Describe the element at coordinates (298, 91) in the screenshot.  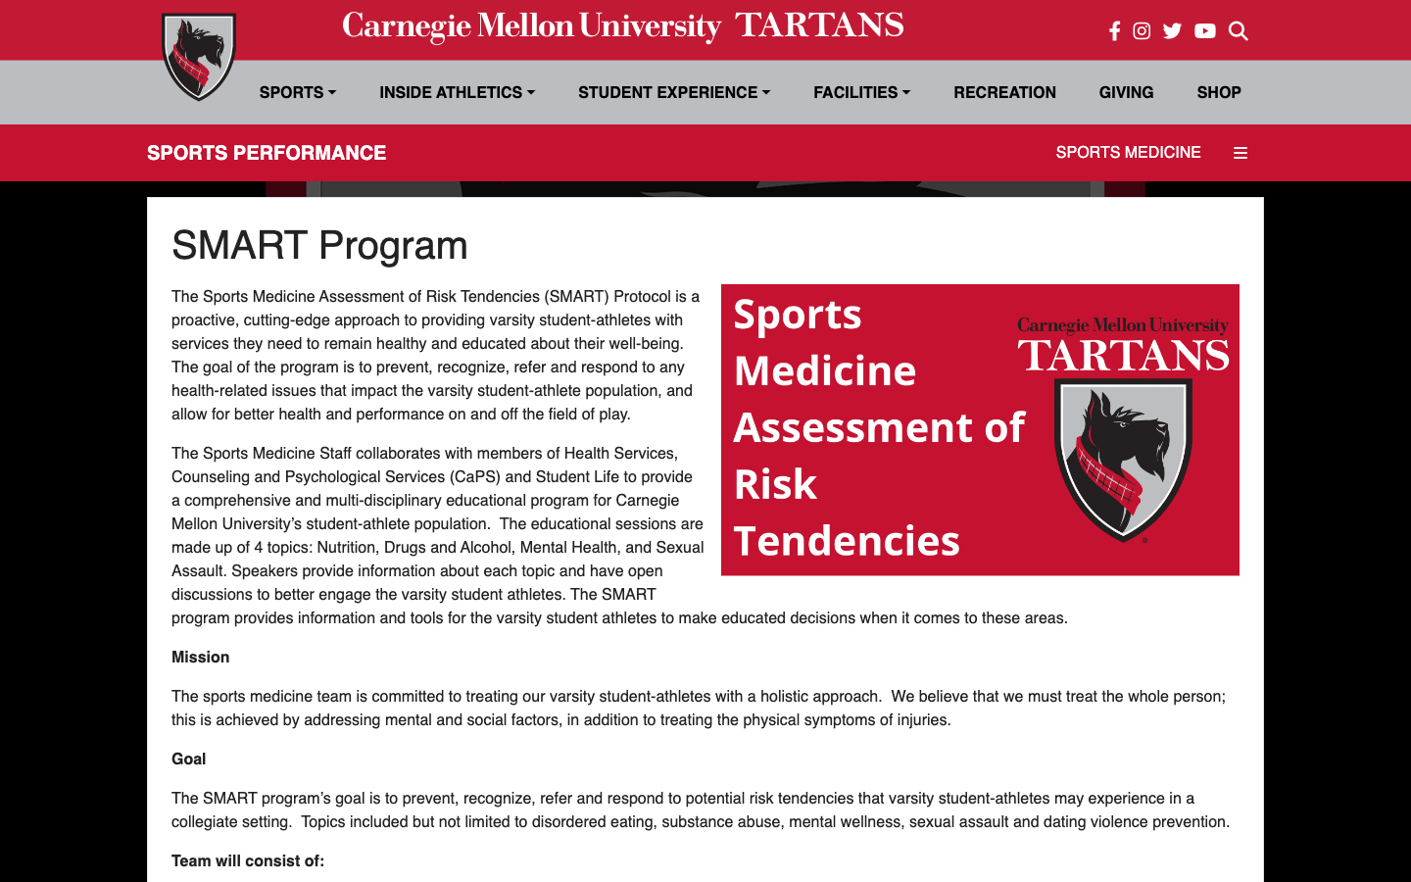
I see `Activate Sports Menu` at that location.